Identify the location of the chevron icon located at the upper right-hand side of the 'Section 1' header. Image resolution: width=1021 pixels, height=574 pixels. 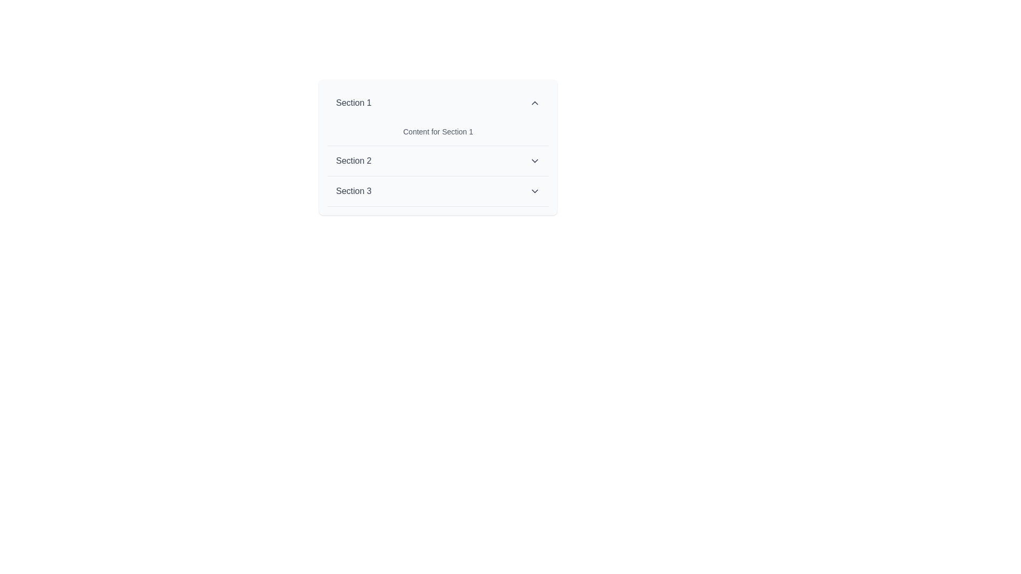
(535, 103).